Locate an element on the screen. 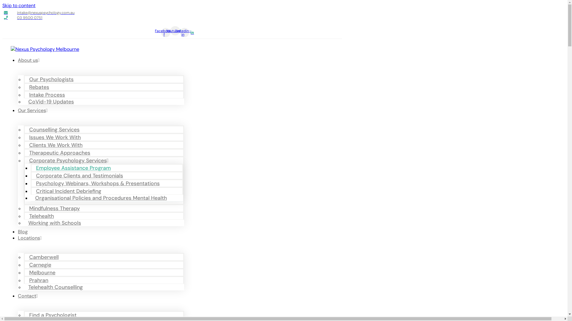  'Skip to content' is located at coordinates (19, 5).